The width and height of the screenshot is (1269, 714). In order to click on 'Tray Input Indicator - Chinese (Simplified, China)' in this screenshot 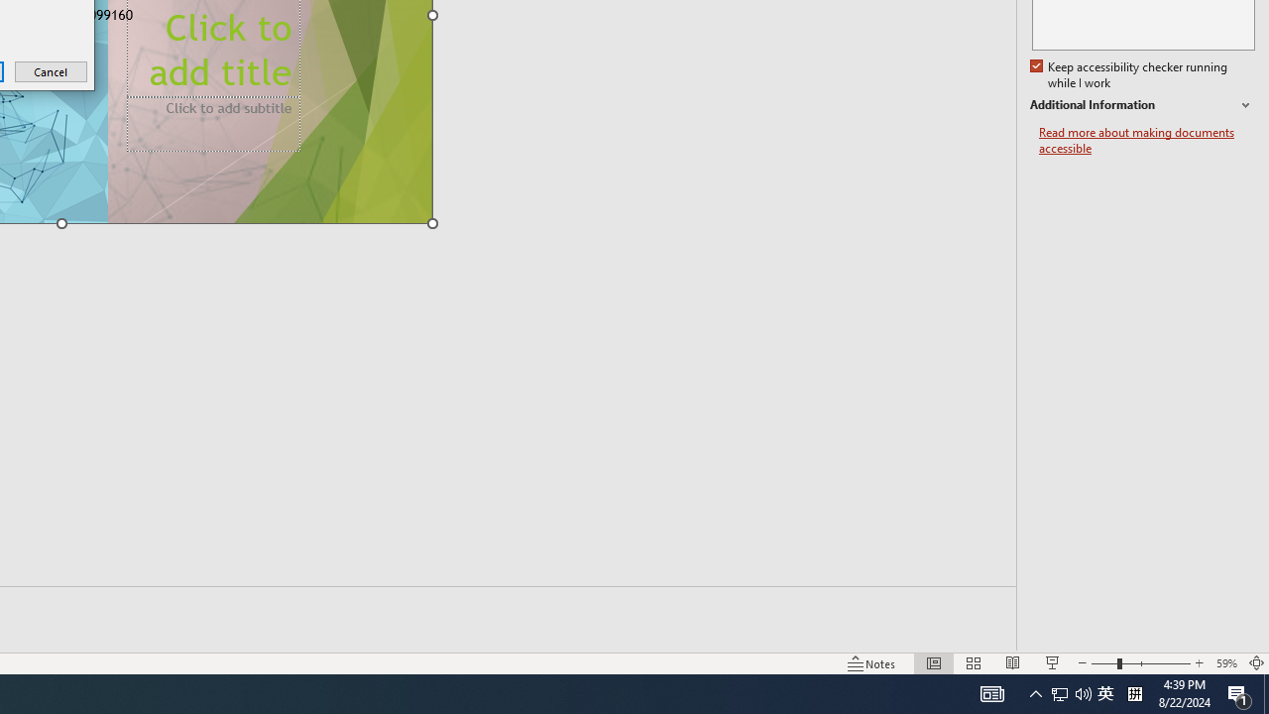, I will do `click(1070, 692)`.